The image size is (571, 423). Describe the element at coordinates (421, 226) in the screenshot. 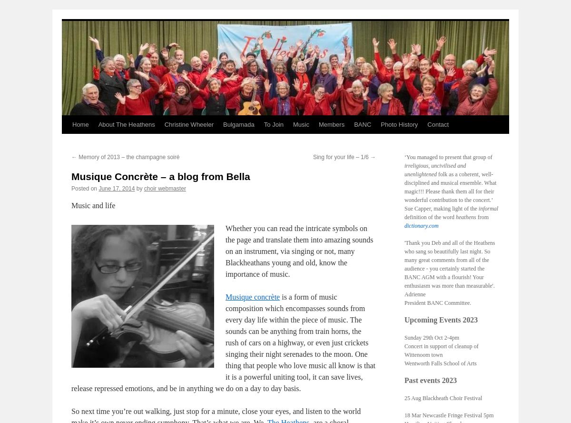

I see `'dictionary.com'` at that location.